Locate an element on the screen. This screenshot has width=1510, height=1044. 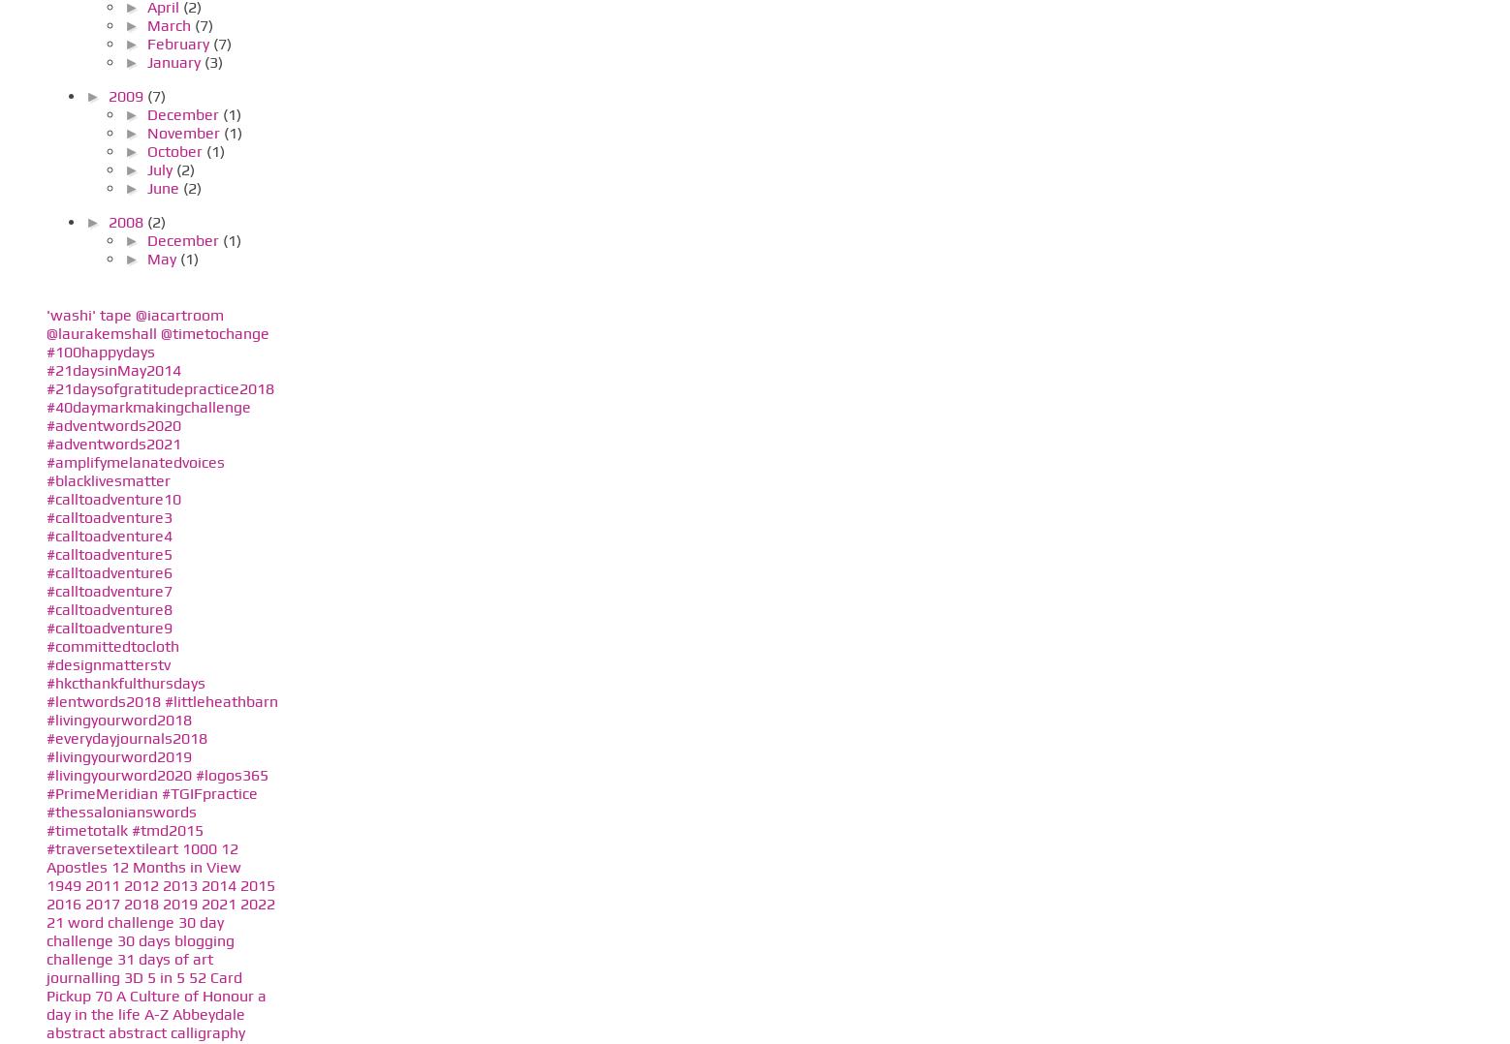
'@laurakemshall' is located at coordinates (101, 331).